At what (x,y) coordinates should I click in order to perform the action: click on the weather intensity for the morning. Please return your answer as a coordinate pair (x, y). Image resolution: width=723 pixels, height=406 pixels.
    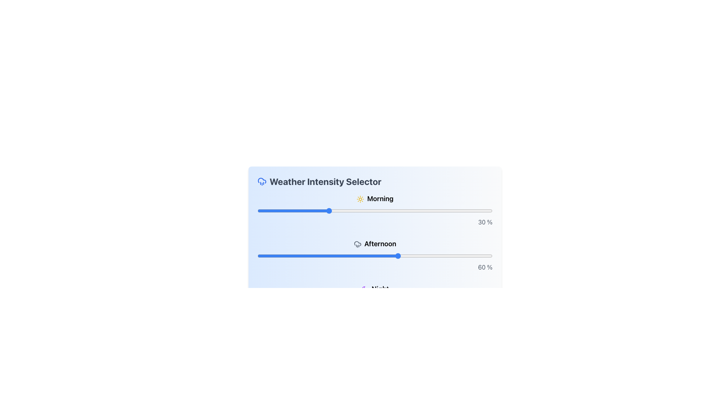
    Looking at the image, I should click on (283, 211).